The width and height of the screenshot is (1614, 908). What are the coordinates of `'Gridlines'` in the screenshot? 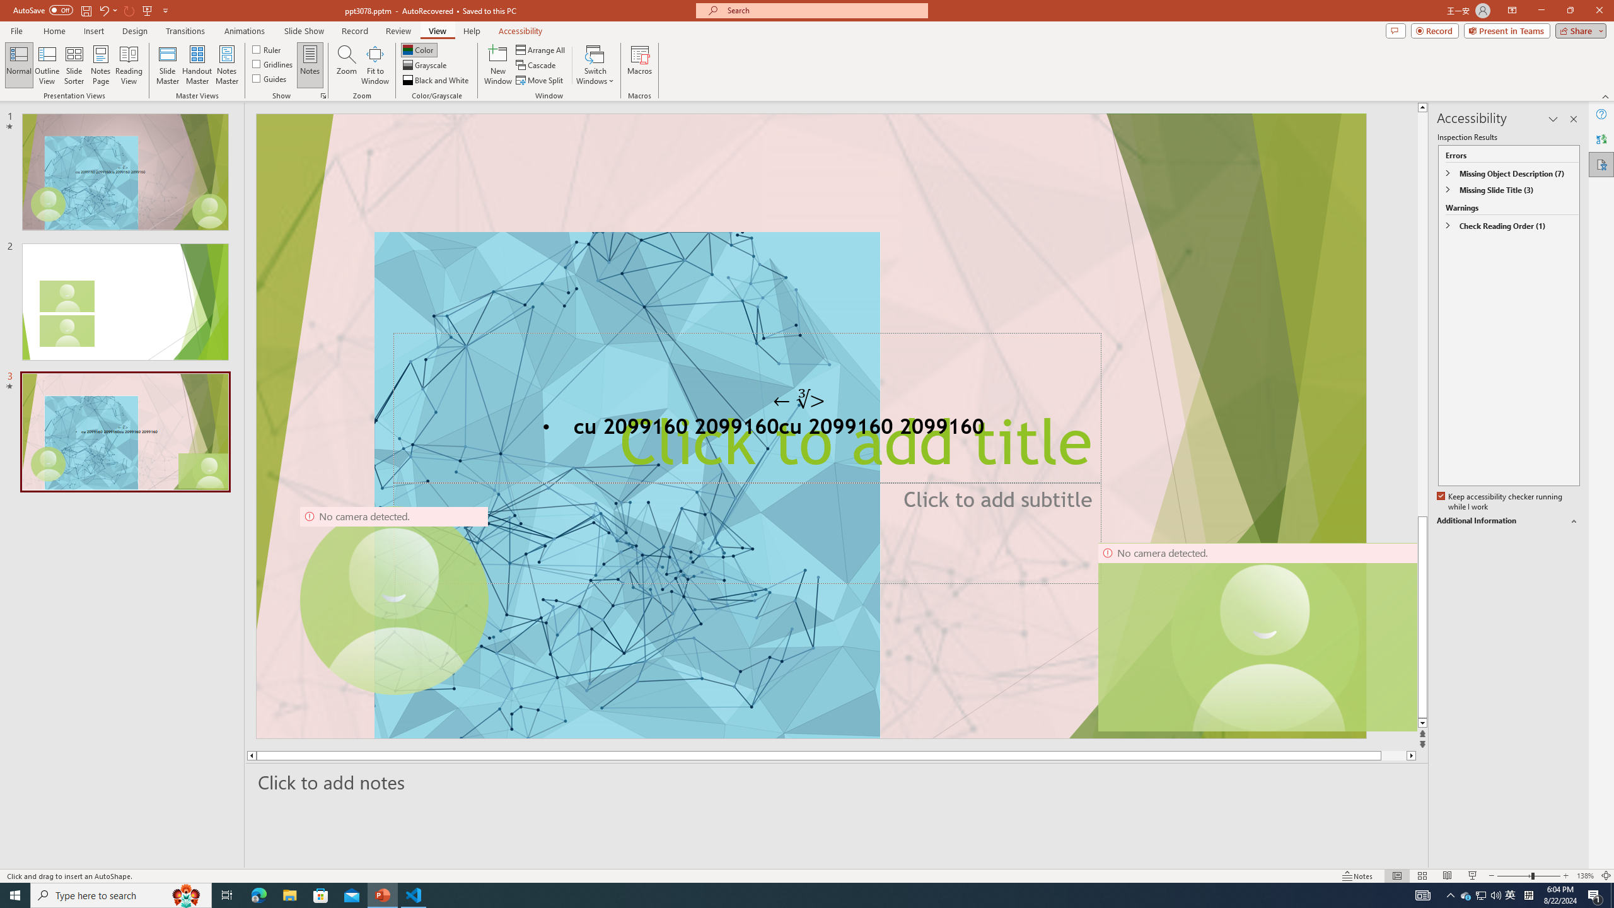 It's located at (272, 62).